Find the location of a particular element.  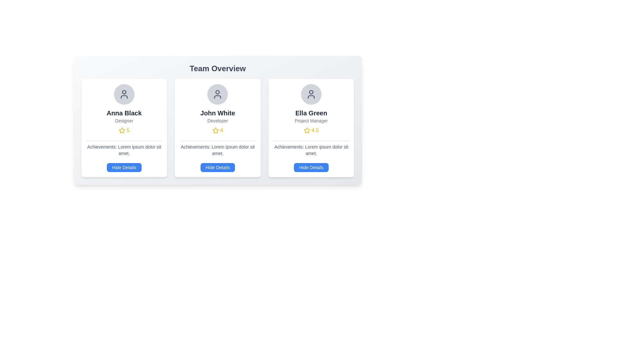

the label that provides information about a team member, including their name, role, and rating, located in the first card of the 'Team Overview' section, under the user avatar icon is located at coordinates (124, 121).